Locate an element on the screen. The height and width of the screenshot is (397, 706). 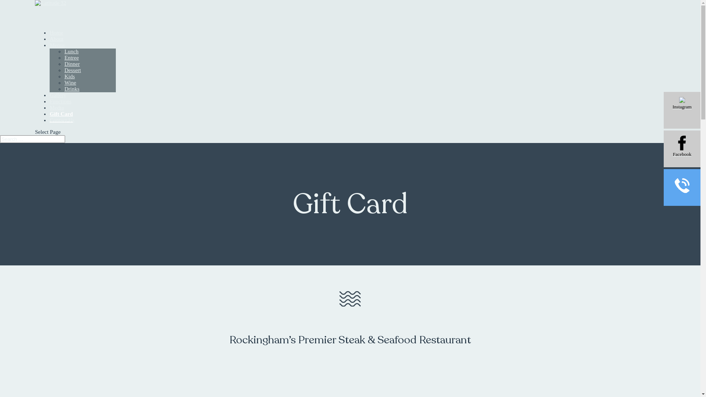
'Home' is located at coordinates (56, 42).